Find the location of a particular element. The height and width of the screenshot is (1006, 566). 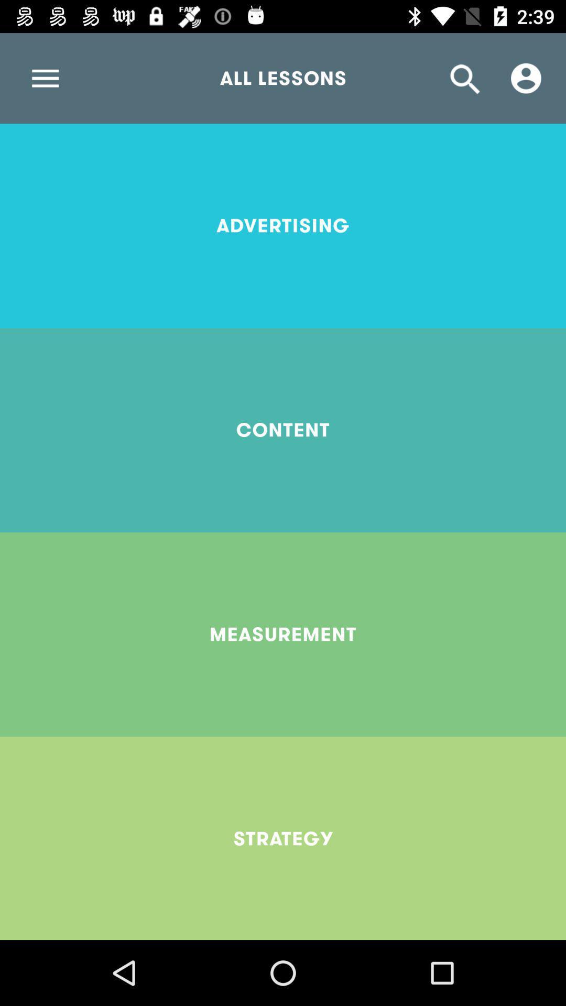

the icon to the left of the all lessons item is located at coordinates (45, 78).